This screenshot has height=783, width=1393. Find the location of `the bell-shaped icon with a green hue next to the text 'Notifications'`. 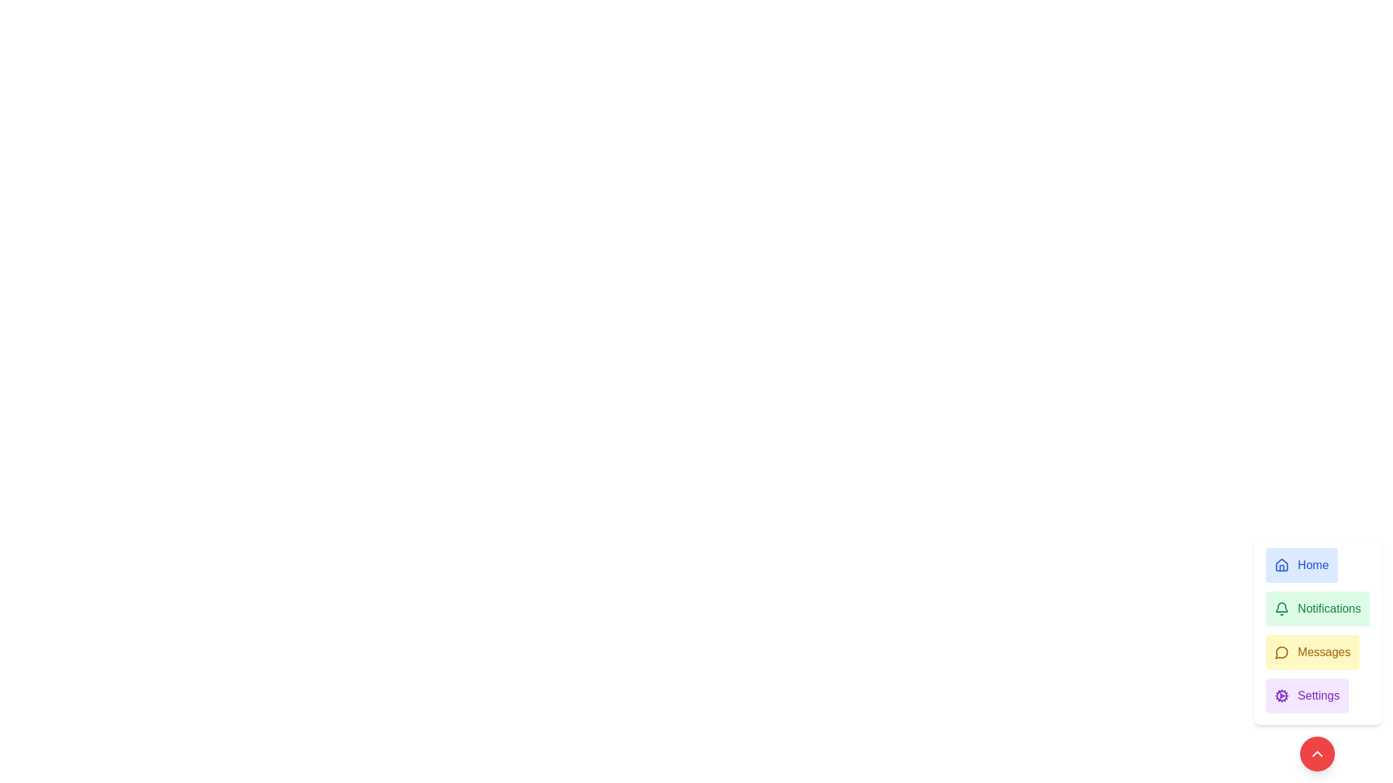

the bell-shaped icon with a green hue next to the text 'Notifications' is located at coordinates (1281, 609).